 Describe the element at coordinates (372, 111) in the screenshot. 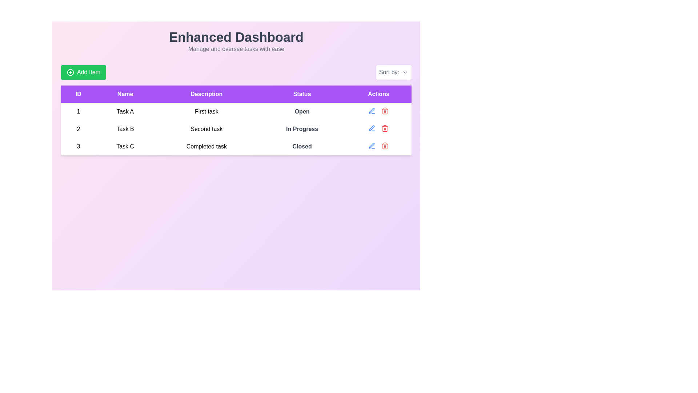

I see `the edit button icon in the Actions column of the second row of the table` at that location.